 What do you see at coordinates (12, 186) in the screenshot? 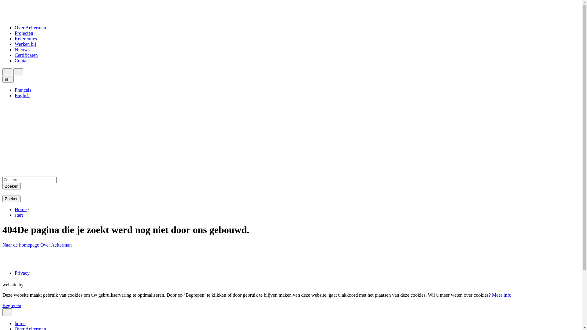
I see `'Zoeken'` at bounding box center [12, 186].